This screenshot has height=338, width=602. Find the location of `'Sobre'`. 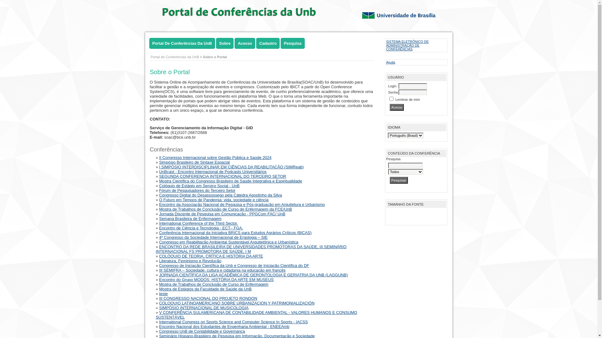

'Sobre' is located at coordinates (216, 43).